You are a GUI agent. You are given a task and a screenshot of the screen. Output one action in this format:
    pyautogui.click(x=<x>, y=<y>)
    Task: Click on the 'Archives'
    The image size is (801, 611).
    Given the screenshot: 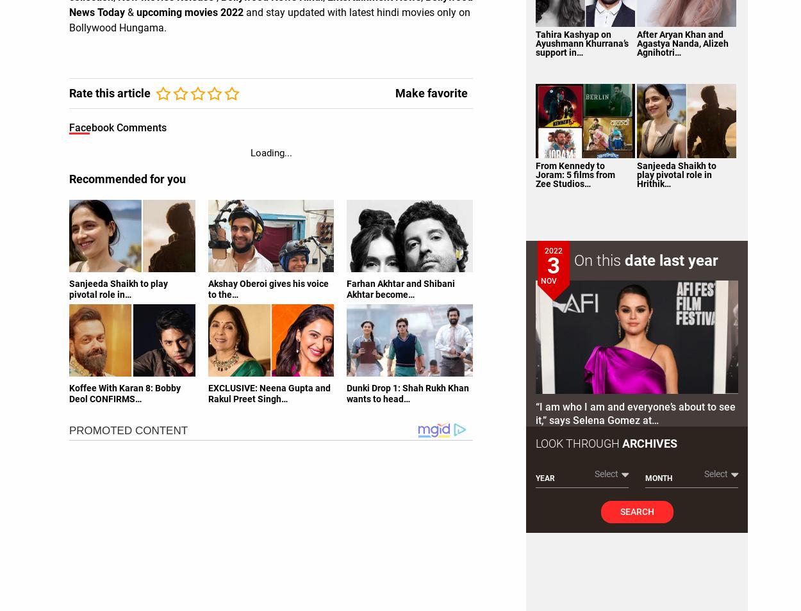 What is the action you would take?
    pyautogui.click(x=650, y=443)
    